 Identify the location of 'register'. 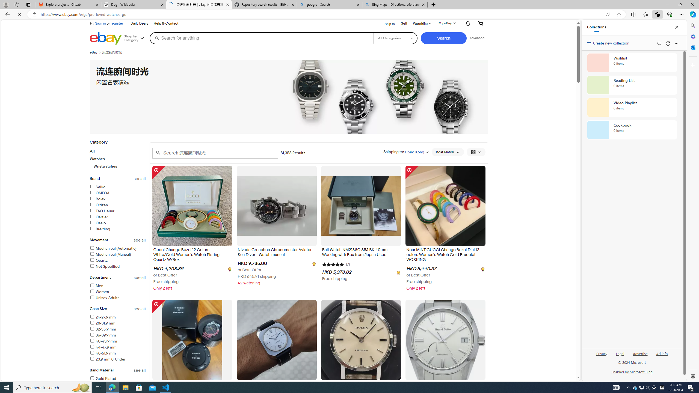
(117, 23).